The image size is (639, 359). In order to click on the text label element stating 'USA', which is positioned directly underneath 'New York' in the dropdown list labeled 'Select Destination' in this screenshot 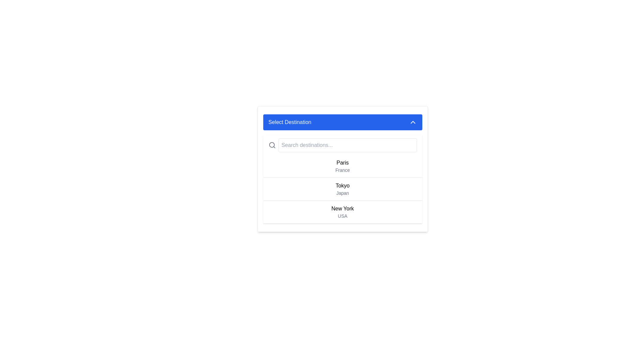, I will do `click(342, 216)`.